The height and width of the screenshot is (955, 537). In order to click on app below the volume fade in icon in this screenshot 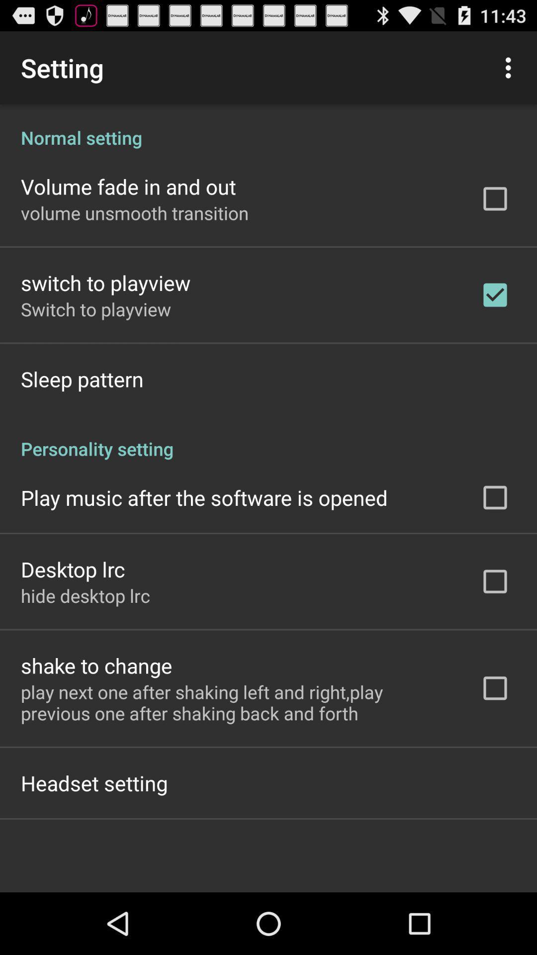, I will do `click(135, 212)`.